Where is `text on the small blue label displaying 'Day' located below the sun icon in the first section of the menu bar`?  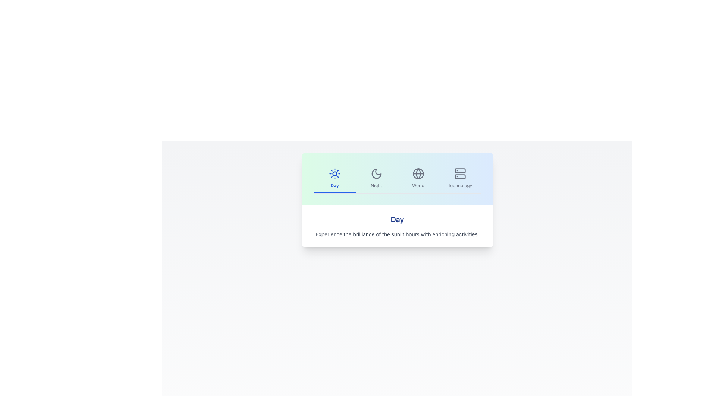
text on the small blue label displaying 'Day' located below the sun icon in the first section of the menu bar is located at coordinates (334, 185).